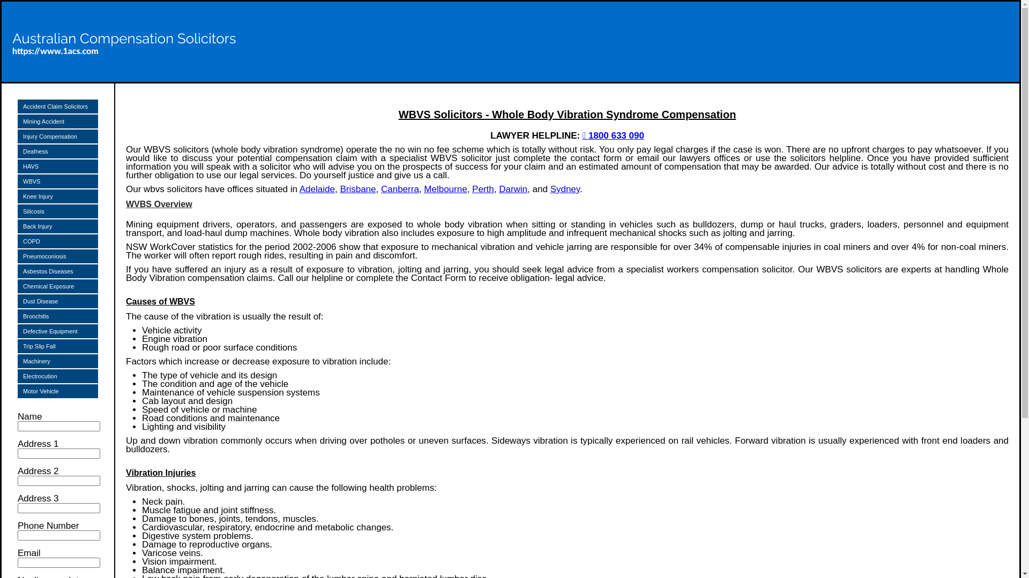 This screenshot has height=578, width=1029. Describe the element at coordinates (399, 188) in the screenshot. I see `'Canberra'` at that location.